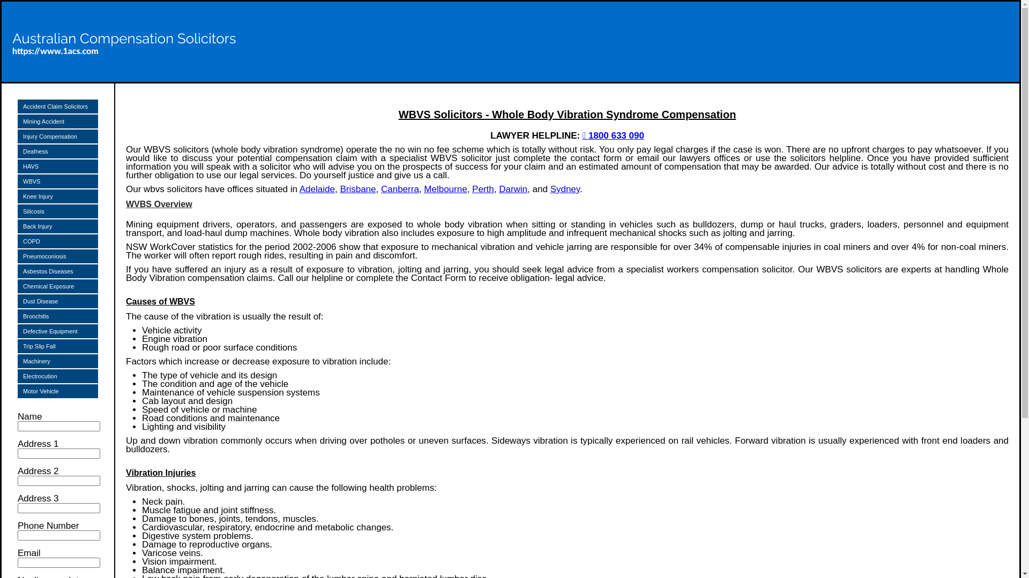 This screenshot has height=578, width=1029. Describe the element at coordinates (399, 188) in the screenshot. I see `'Canberra'` at that location.